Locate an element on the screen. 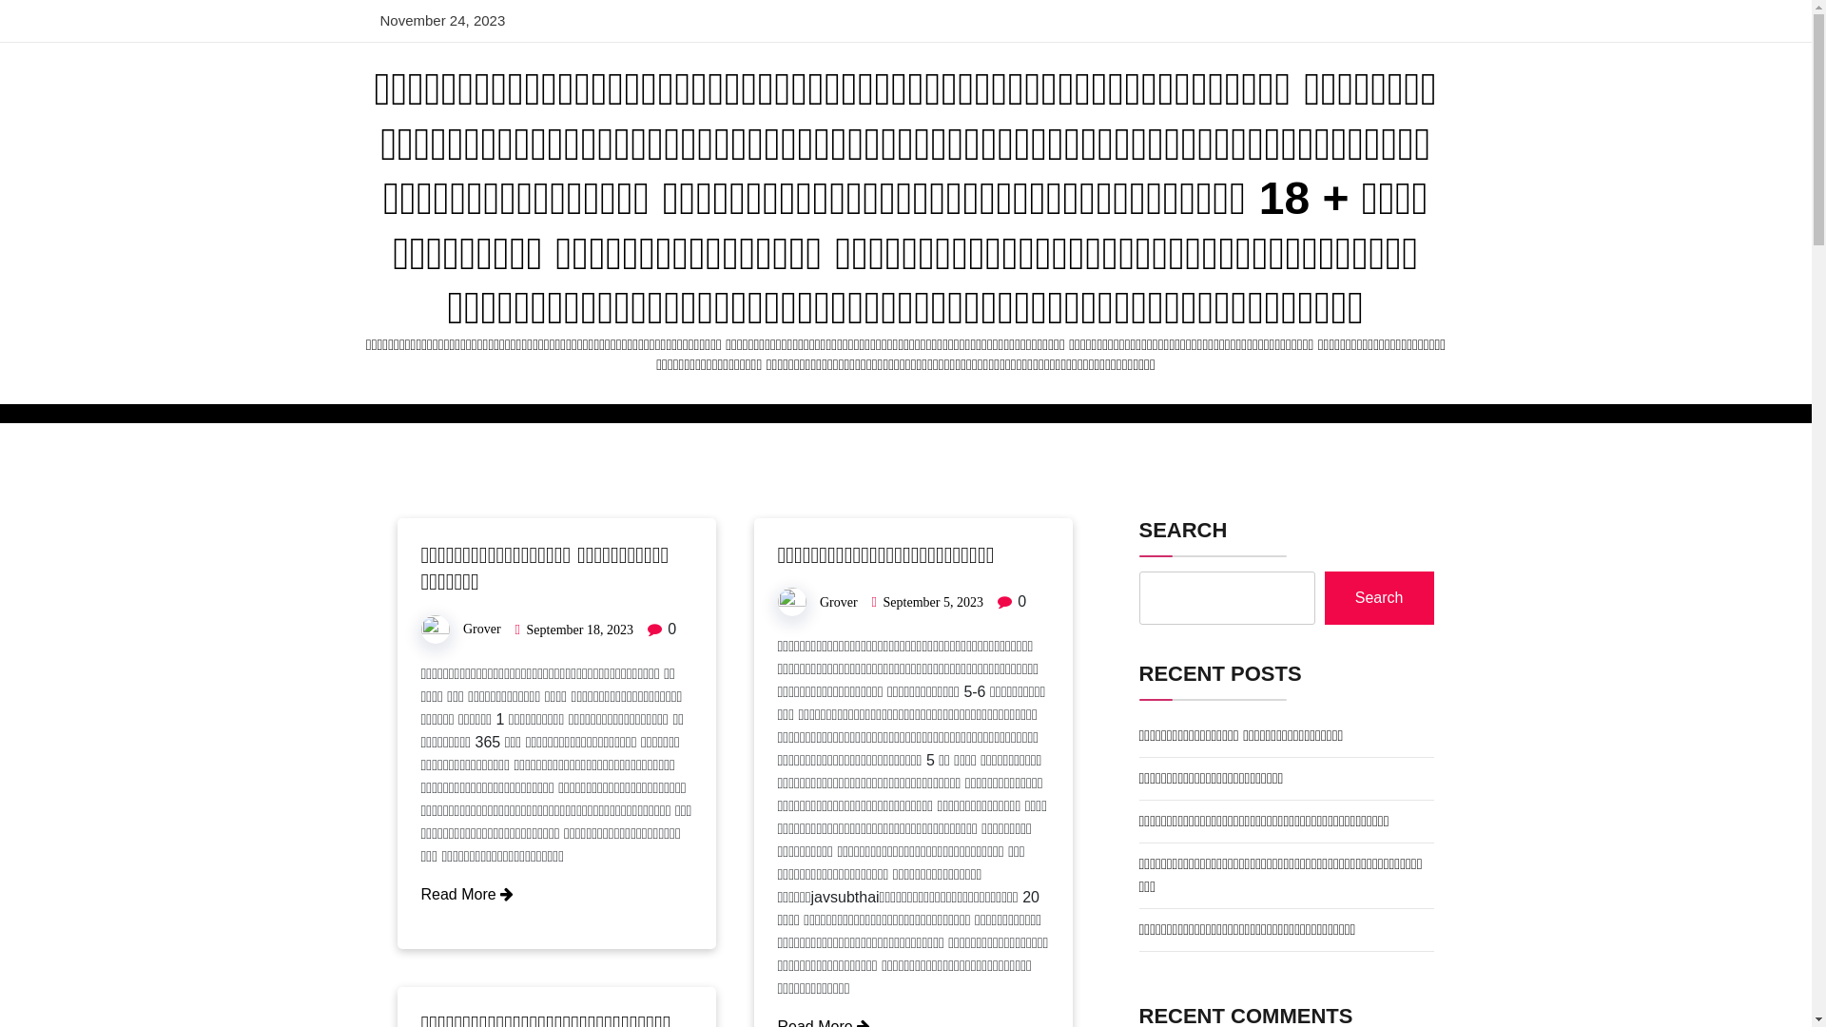  'September 5, 2023' is located at coordinates (883, 602).